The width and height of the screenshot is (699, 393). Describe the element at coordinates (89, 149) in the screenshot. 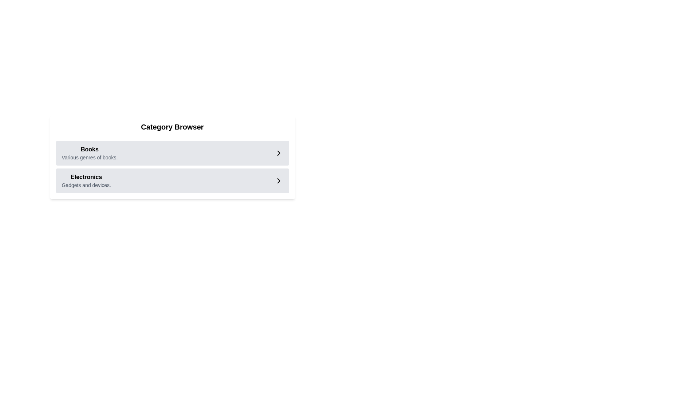

I see `the 'Books' category title text label` at that location.